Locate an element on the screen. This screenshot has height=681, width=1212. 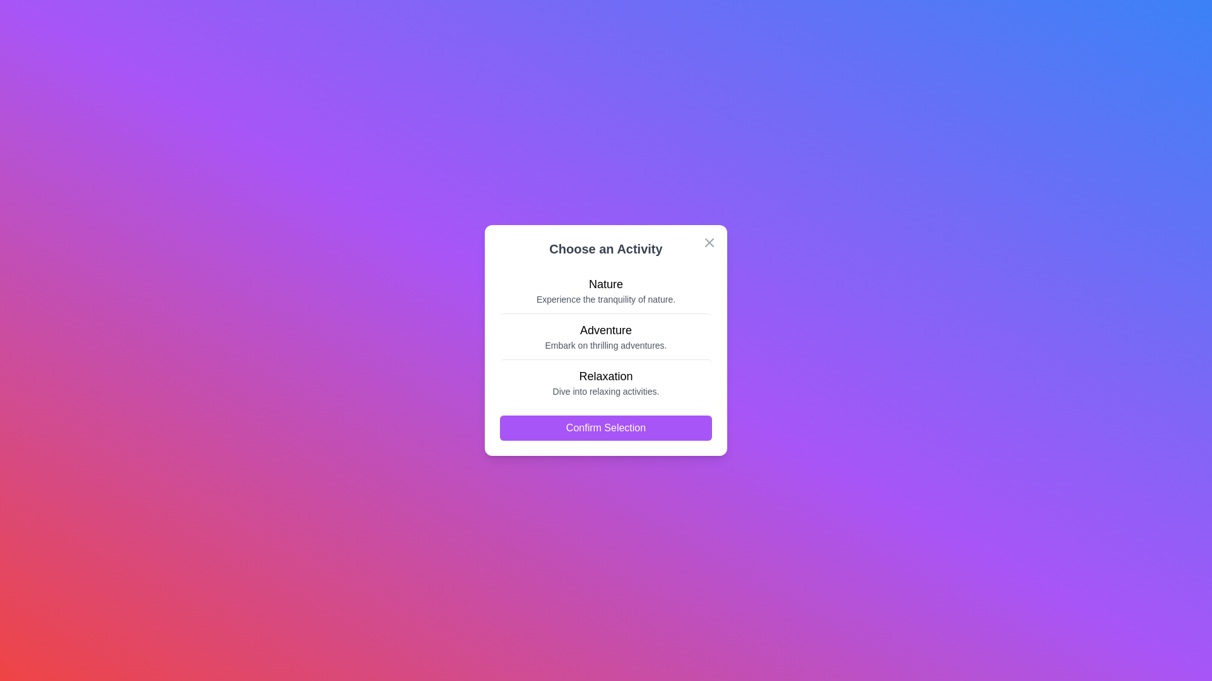
the item labeled Adventure to read its description is located at coordinates (606, 335).